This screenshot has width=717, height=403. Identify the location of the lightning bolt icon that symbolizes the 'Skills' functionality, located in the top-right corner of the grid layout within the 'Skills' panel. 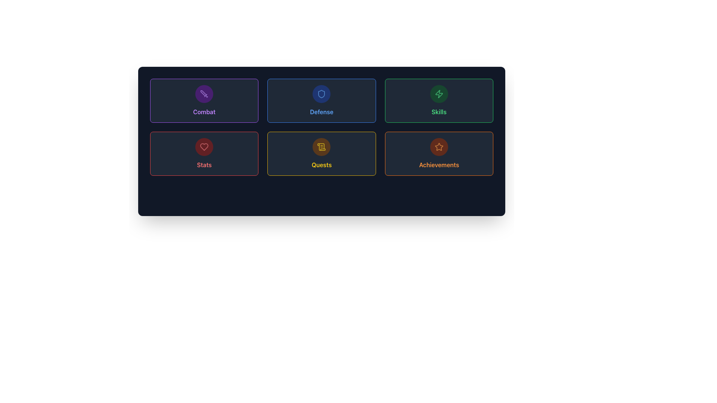
(439, 93).